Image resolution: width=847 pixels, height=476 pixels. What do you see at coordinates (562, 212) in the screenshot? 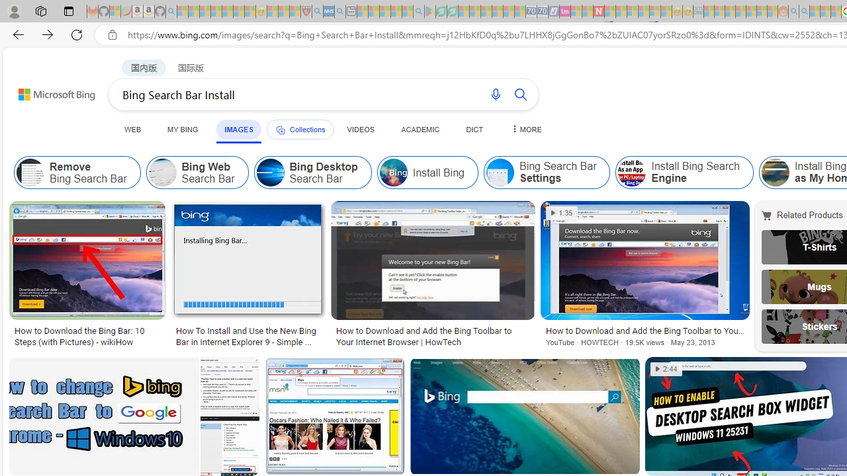
I see `'1:35'` at bounding box center [562, 212].